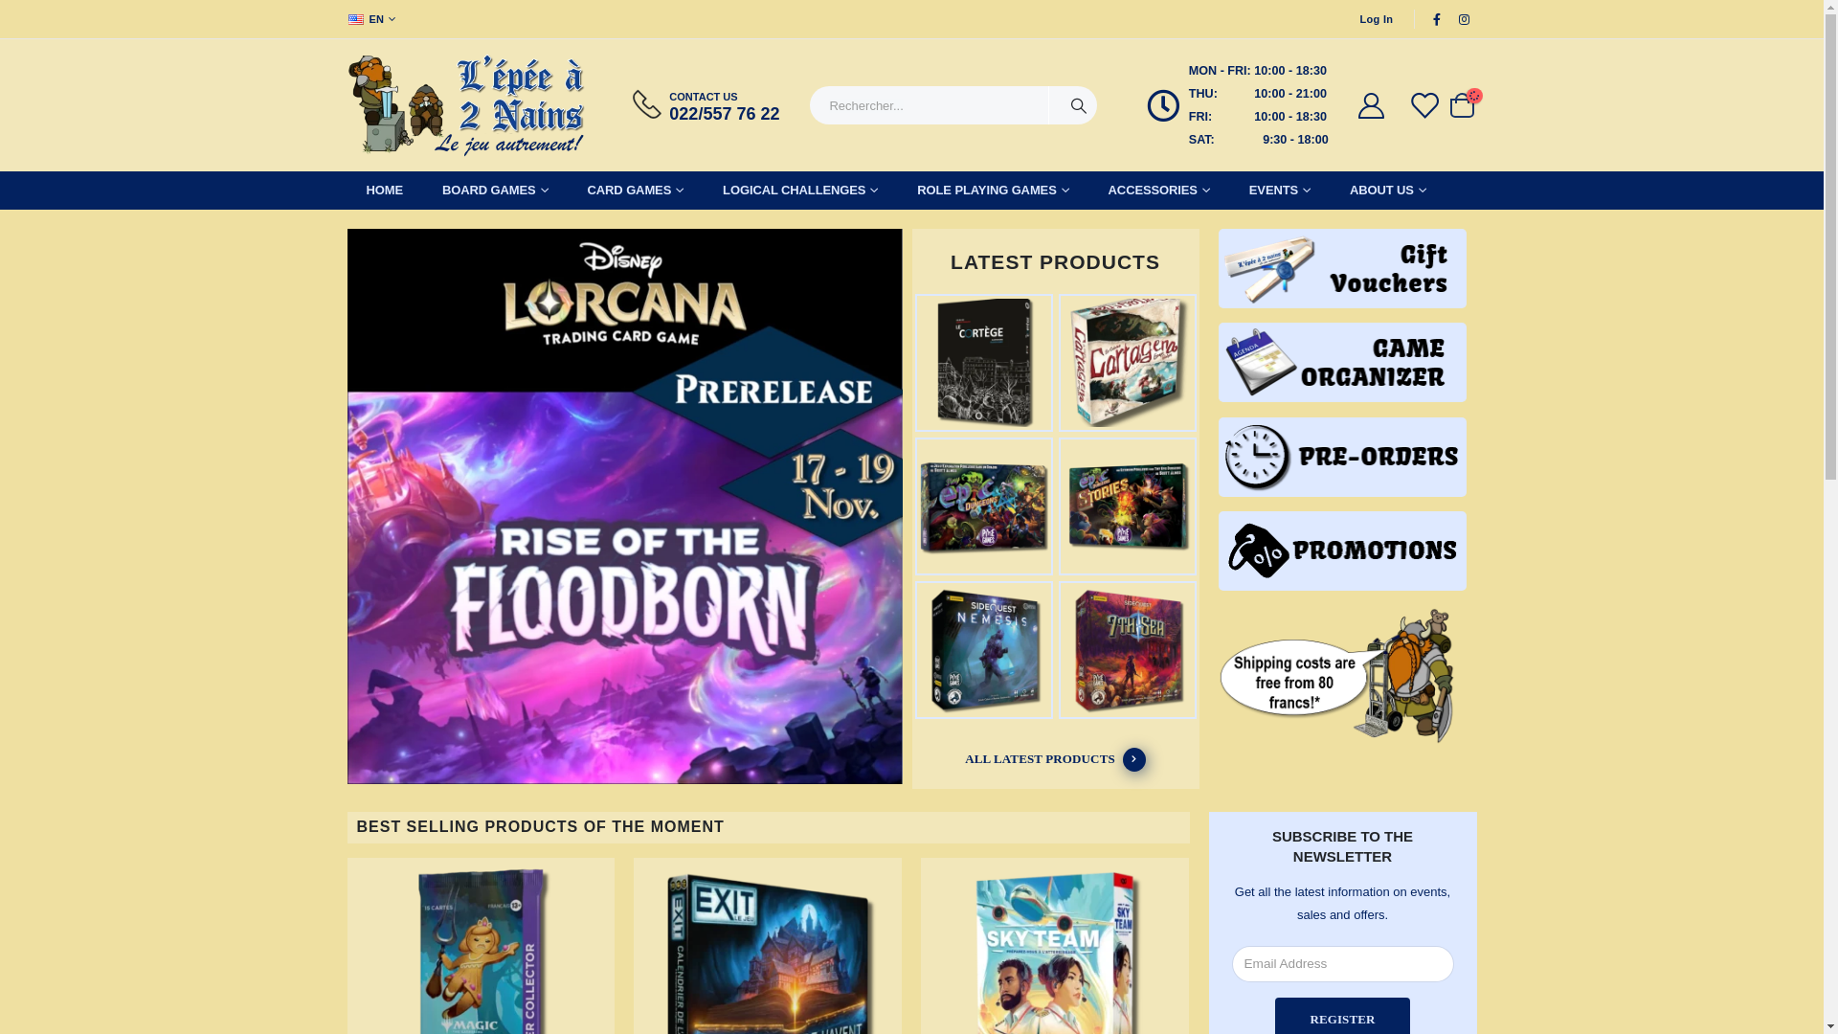 Image resolution: width=1838 pixels, height=1034 pixels. I want to click on 'ACCESSORIES', so click(1157, 191).